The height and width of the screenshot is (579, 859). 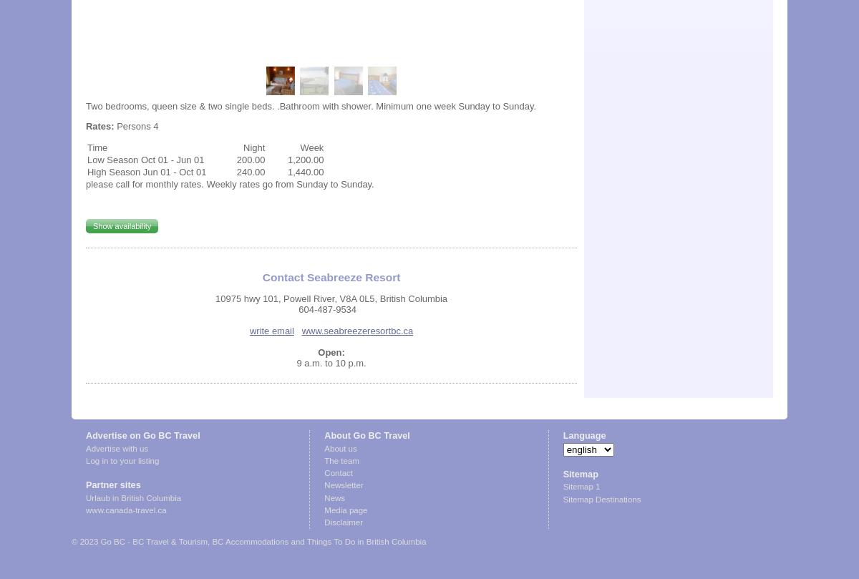 I want to click on 'www.seabreezeresortbc.ca', so click(x=356, y=330).